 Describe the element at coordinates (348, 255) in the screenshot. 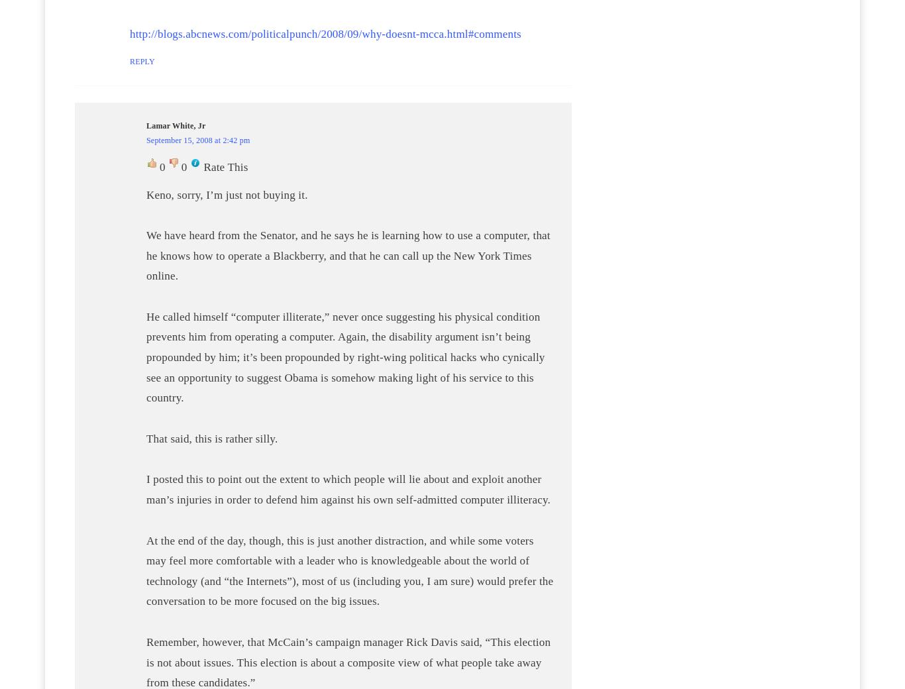

I see `'We have heard from the Senator, and he says he is learning how to use a computer, that he knows how to operate a Blackberry, and that he can call up the New York Times online.'` at that location.